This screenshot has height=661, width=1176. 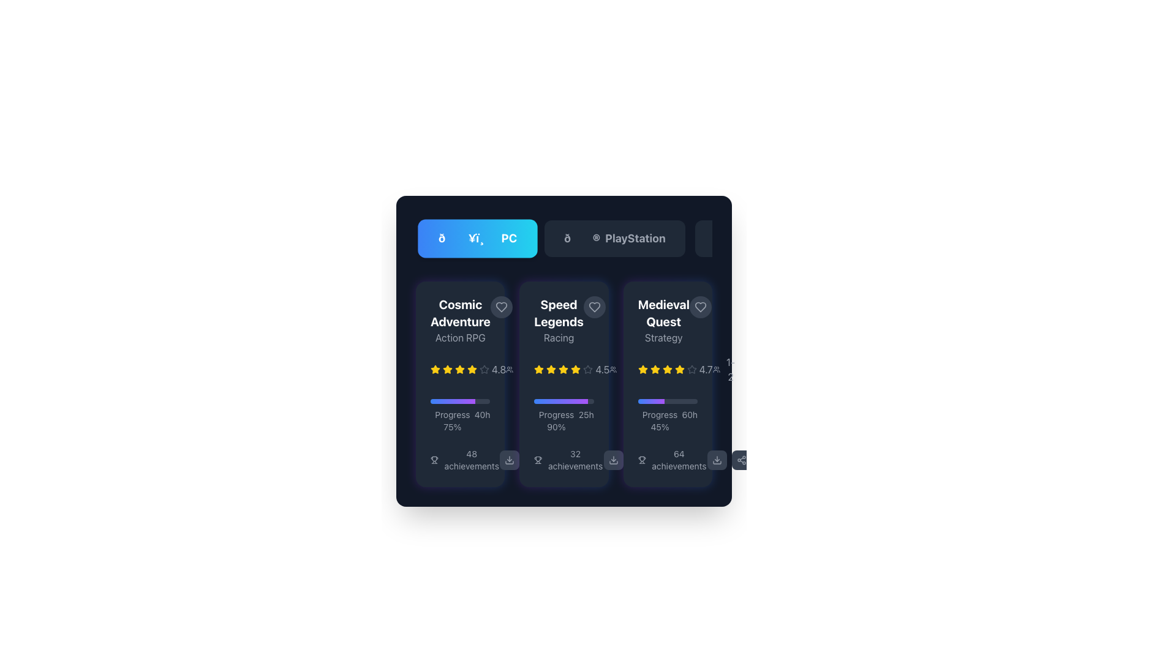 What do you see at coordinates (563, 320) in the screenshot?
I see `the static text label displaying the title and genre of the game, which is centrally located in the second column of a three-column layout within a card` at bounding box center [563, 320].